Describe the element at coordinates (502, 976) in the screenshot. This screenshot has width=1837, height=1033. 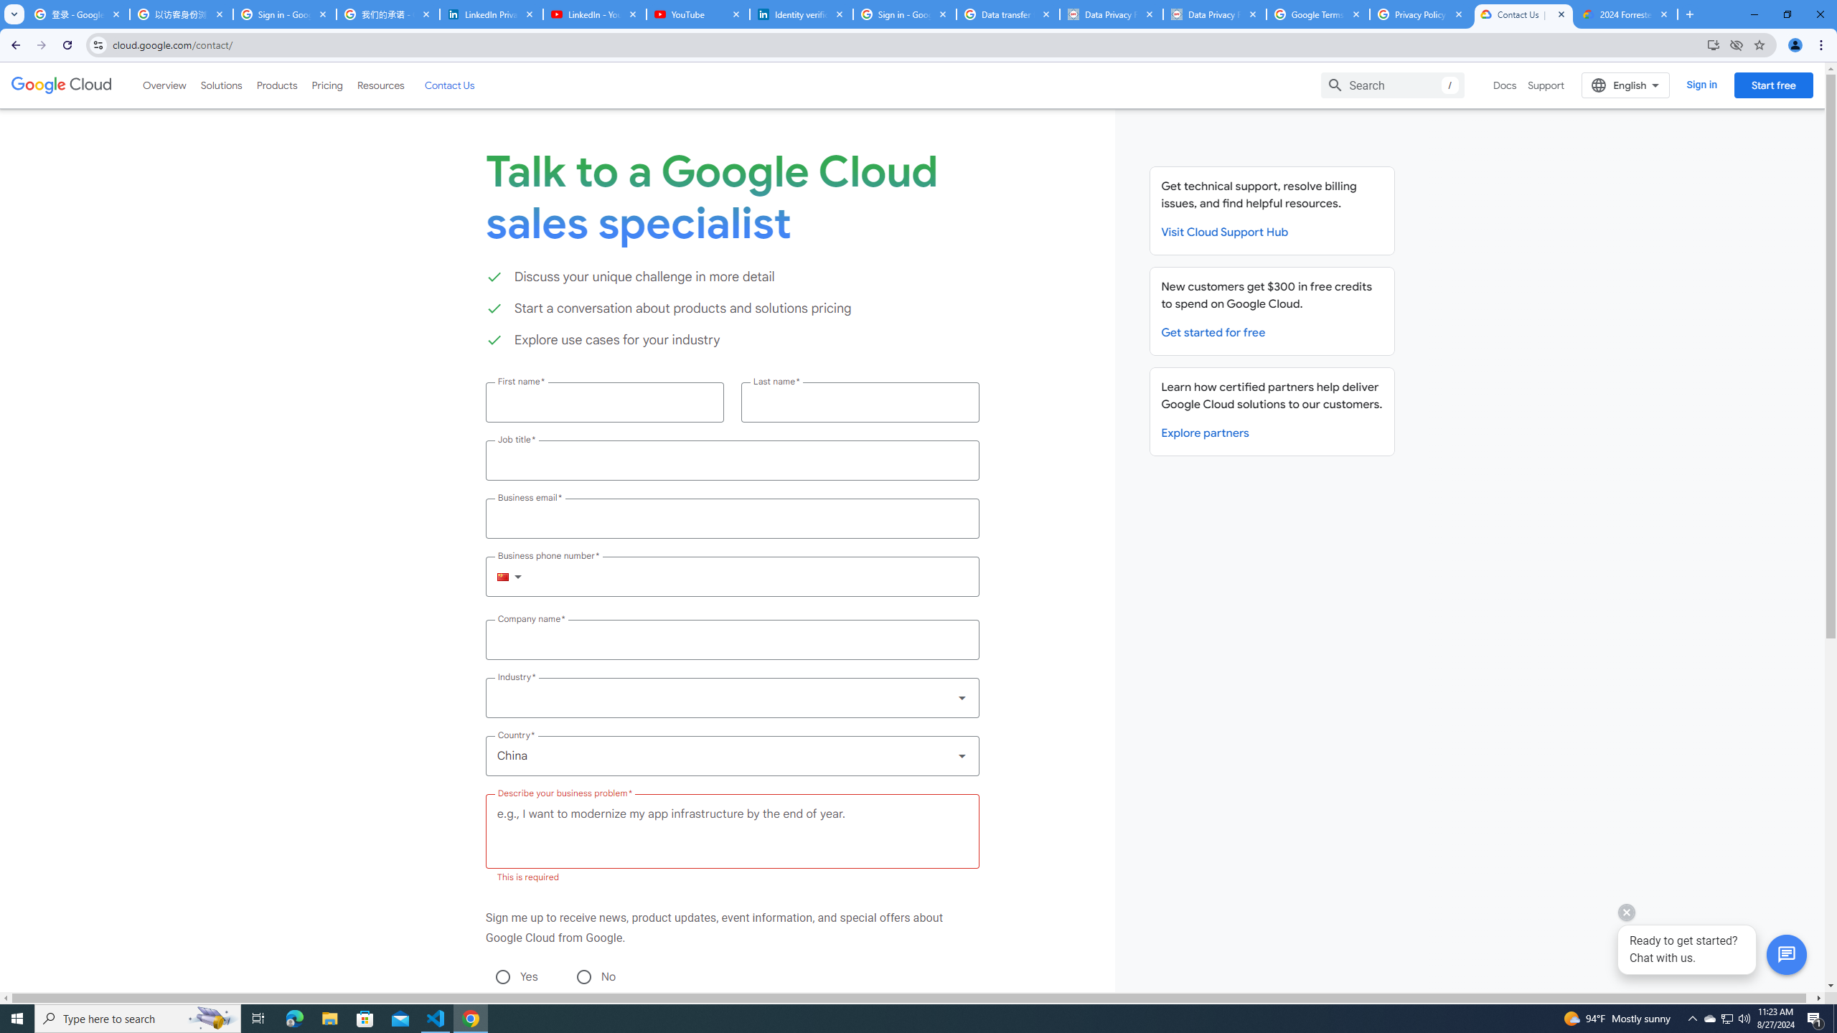
I see `'Yes'` at that location.